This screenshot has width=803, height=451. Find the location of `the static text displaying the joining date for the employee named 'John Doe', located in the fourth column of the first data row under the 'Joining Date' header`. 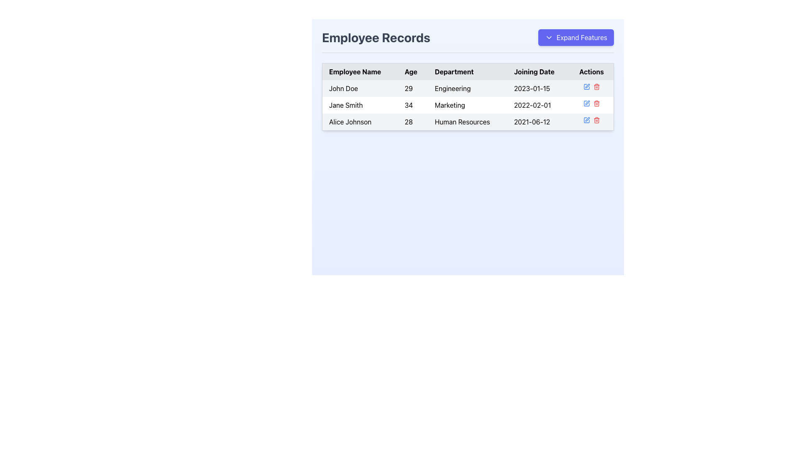

the static text displaying the joining date for the employee named 'John Doe', located in the fourth column of the first data row under the 'Joining Date' header is located at coordinates (538, 89).